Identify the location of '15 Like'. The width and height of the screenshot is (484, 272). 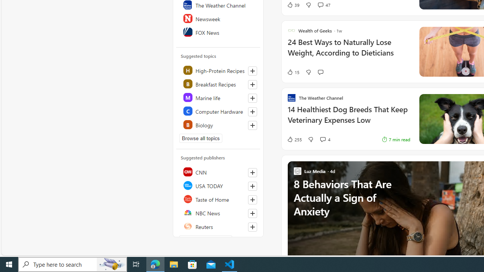
(293, 72).